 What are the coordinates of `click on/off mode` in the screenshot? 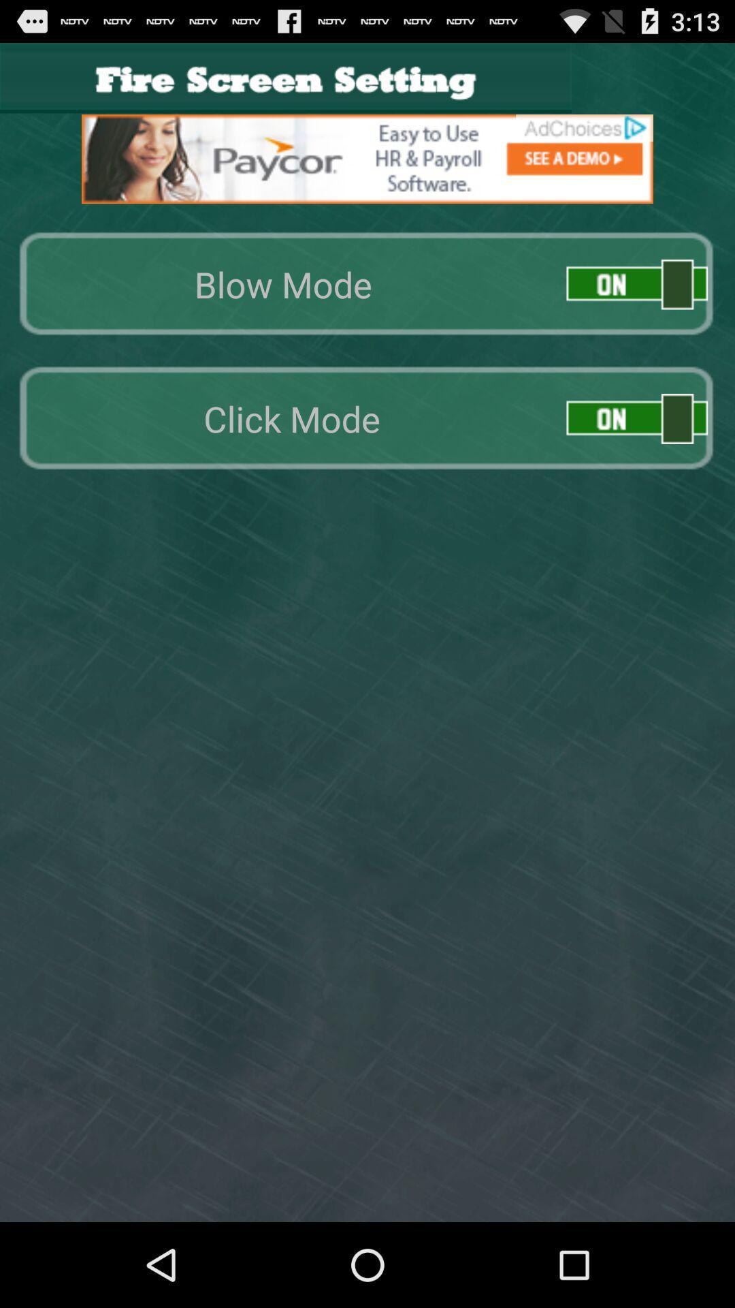 It's located at (637, 418).